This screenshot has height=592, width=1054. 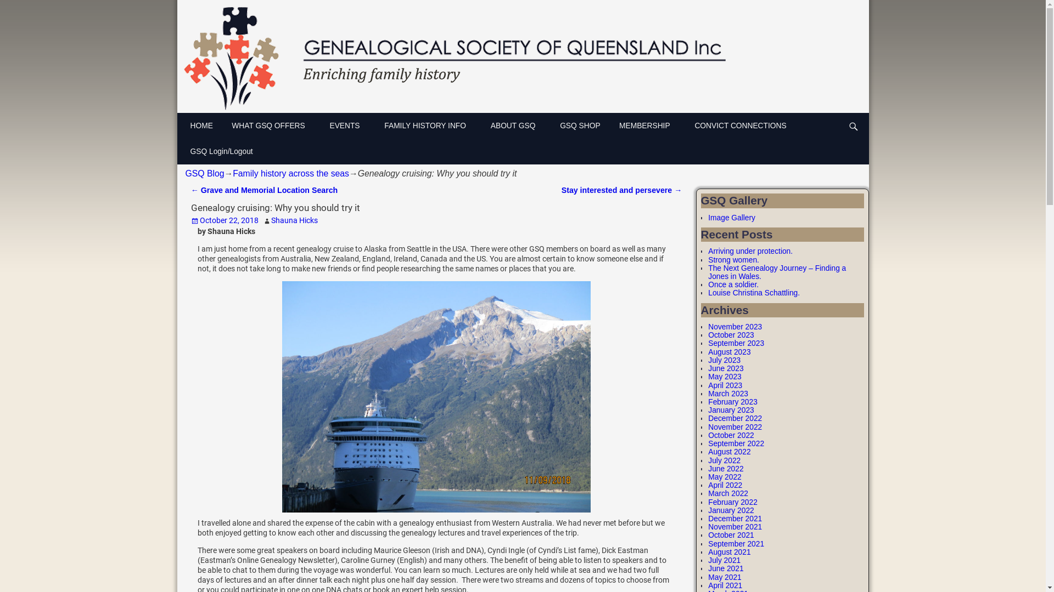 What do you see at coordinates (708, 460) in the screenshot?
I see `'July 2022'` at bounding box center [708, 460].